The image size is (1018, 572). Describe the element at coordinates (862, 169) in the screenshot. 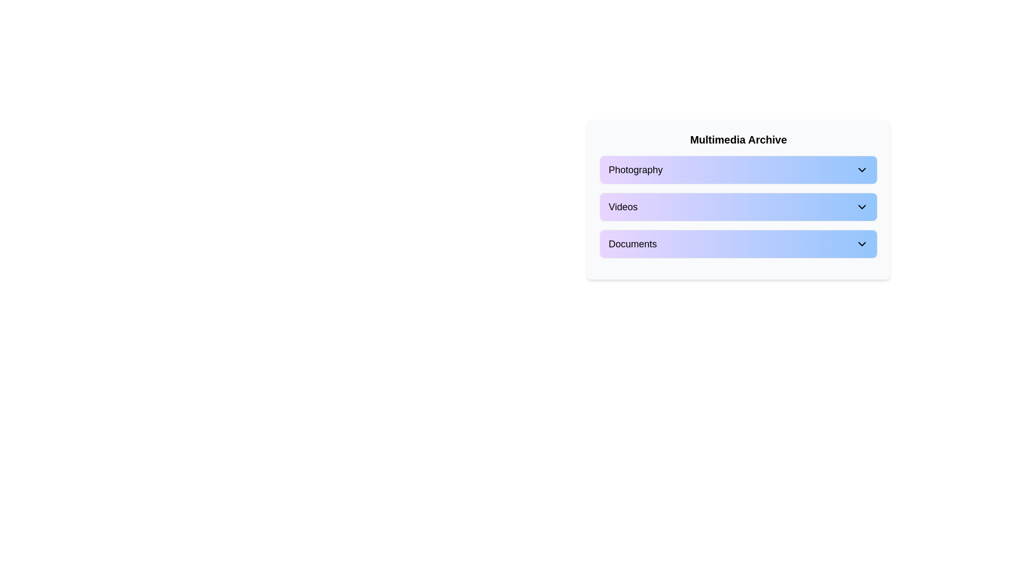

I see `the small downward-pointing chevron icon located on the right side of the 'Photography' section within the multimedia archive list` at that location.